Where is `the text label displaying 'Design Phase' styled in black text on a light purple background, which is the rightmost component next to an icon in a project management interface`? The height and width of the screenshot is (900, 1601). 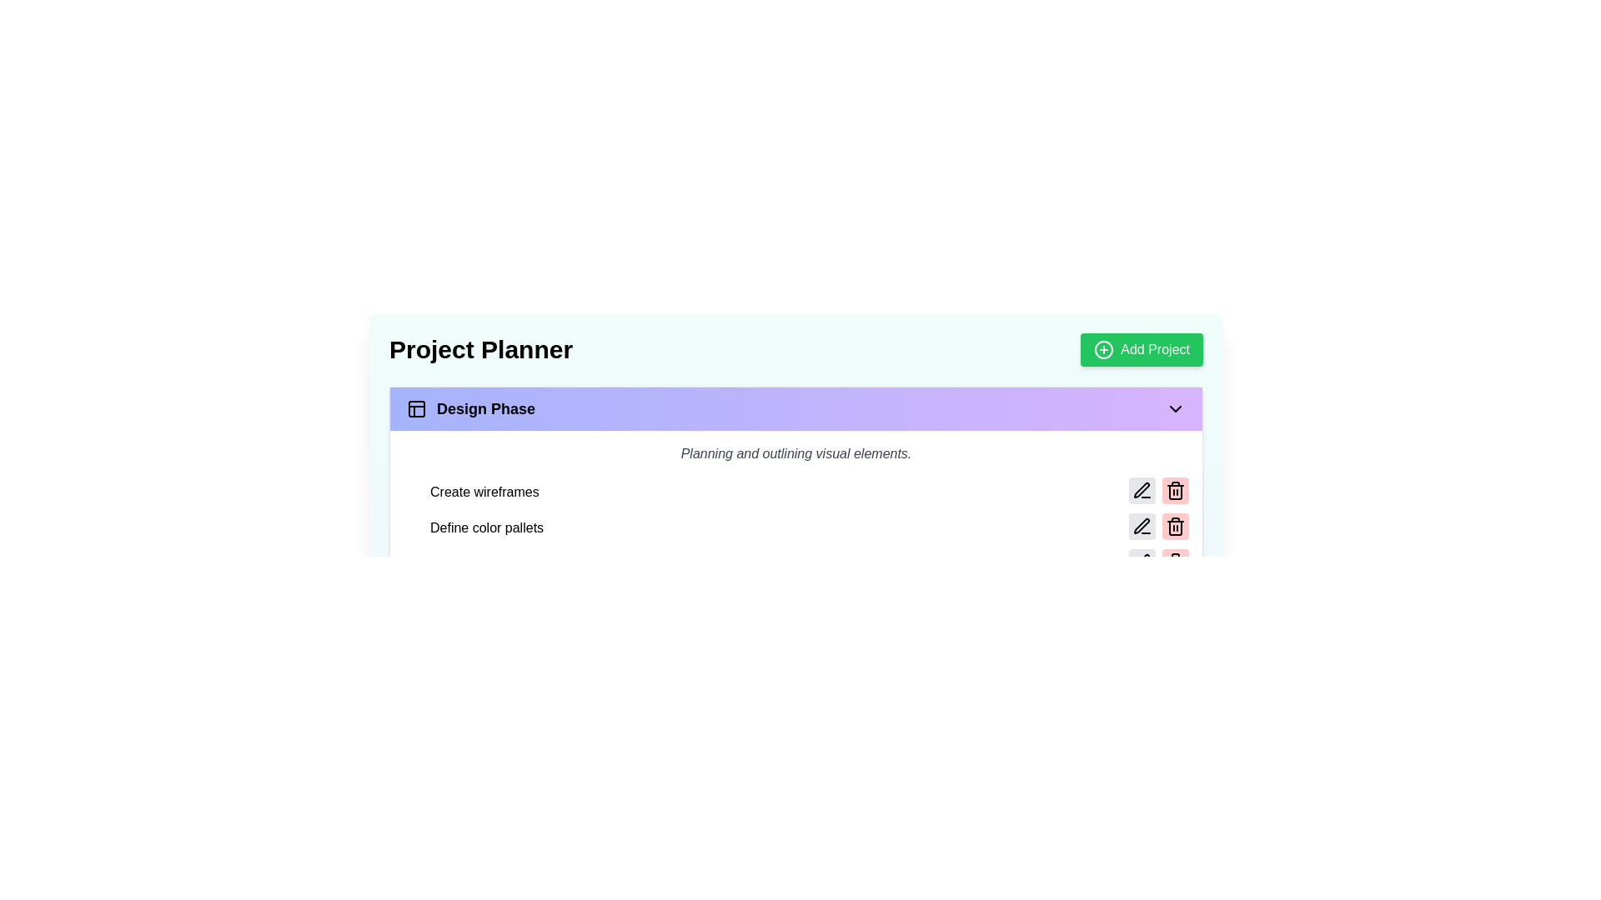 the text label displaying 'Design Phase' styled in black text on a light purple background, which is the rightmost component next to an icon in a project management interface is located at coordinates (485, 408).